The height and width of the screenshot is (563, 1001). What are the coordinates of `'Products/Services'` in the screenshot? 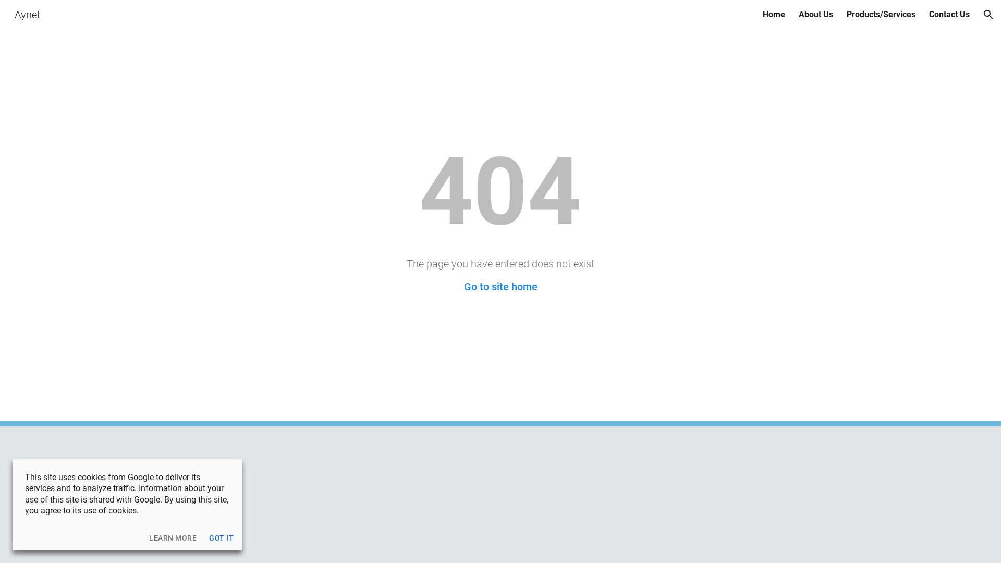 It's located at (846, 14).